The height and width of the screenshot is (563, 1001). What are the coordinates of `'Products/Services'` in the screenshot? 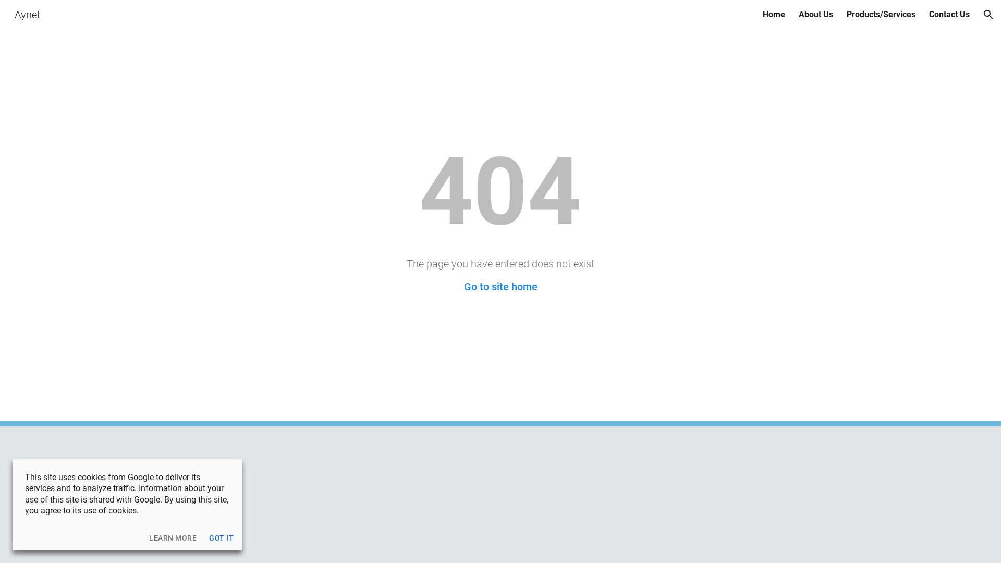 It's located at (846, 14).